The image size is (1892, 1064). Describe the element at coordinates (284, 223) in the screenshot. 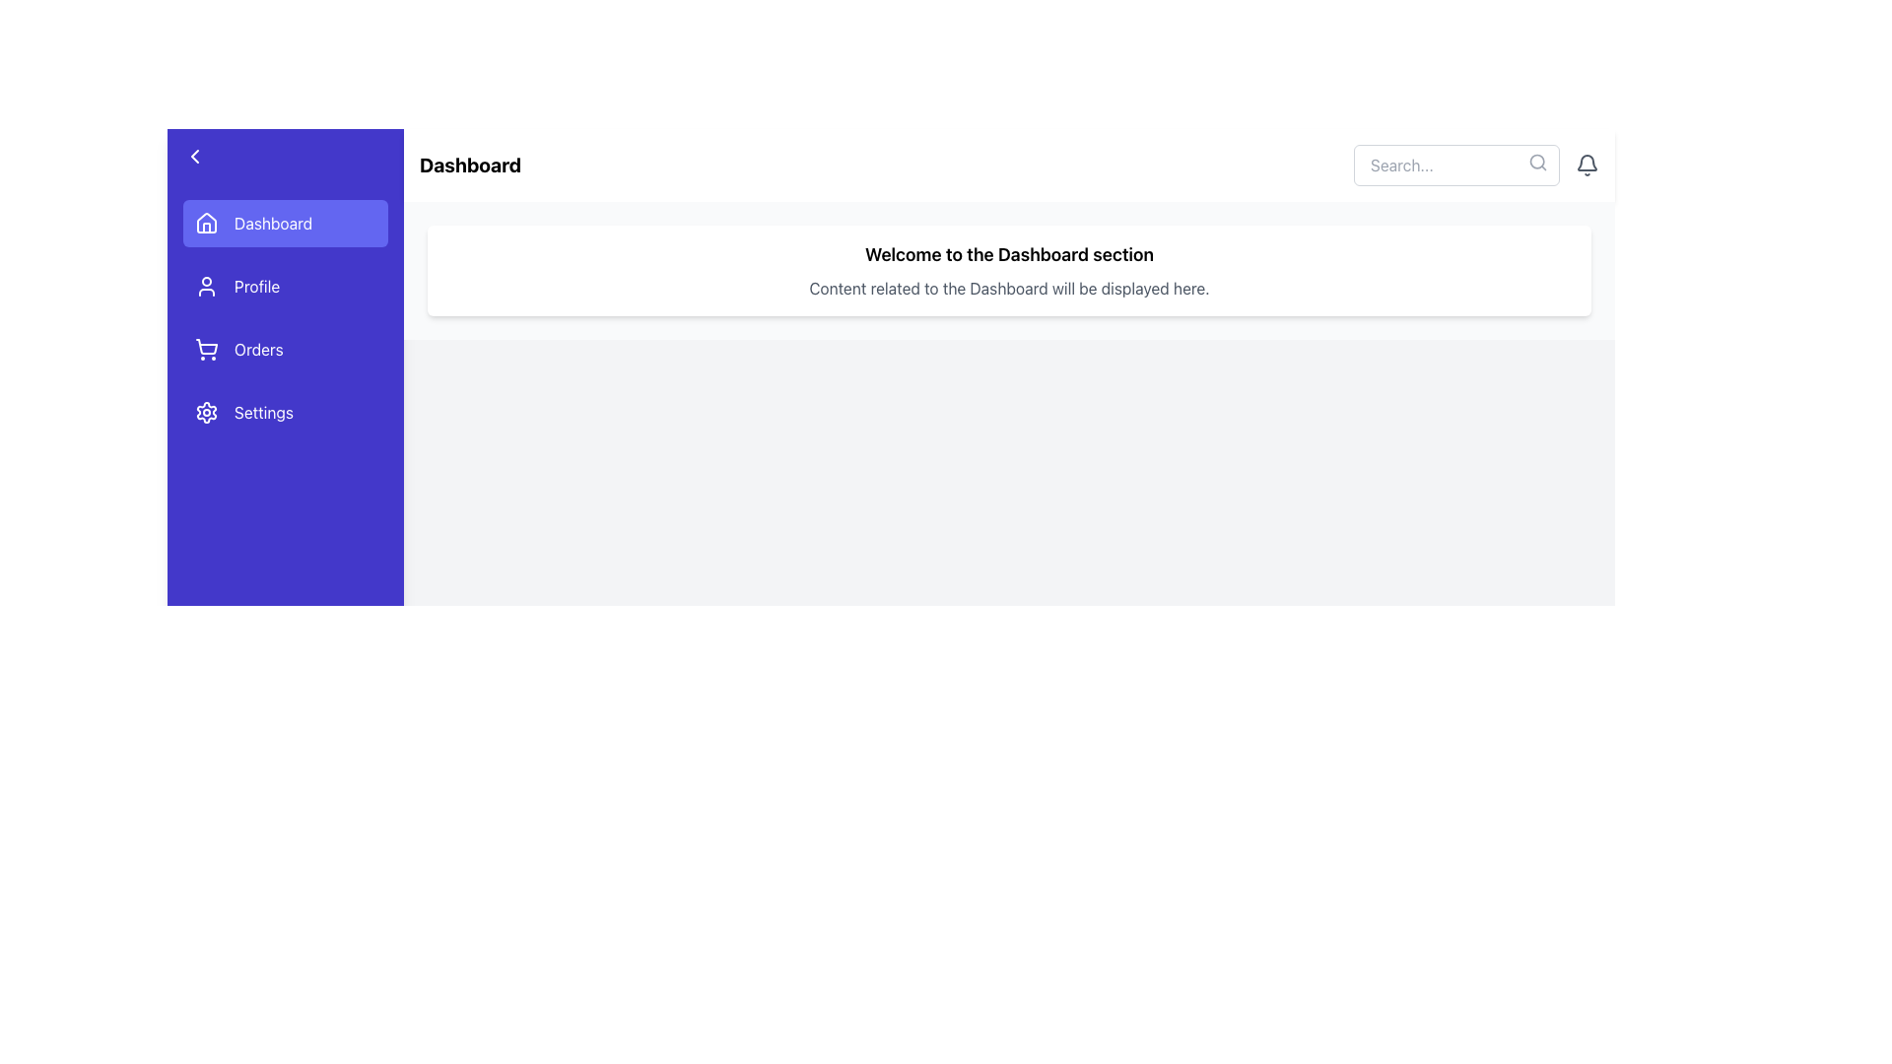

I see `the 'Dashboard' navigation button, which is the first item in the vertical sidebar menu with a purple background and white text` at that location.